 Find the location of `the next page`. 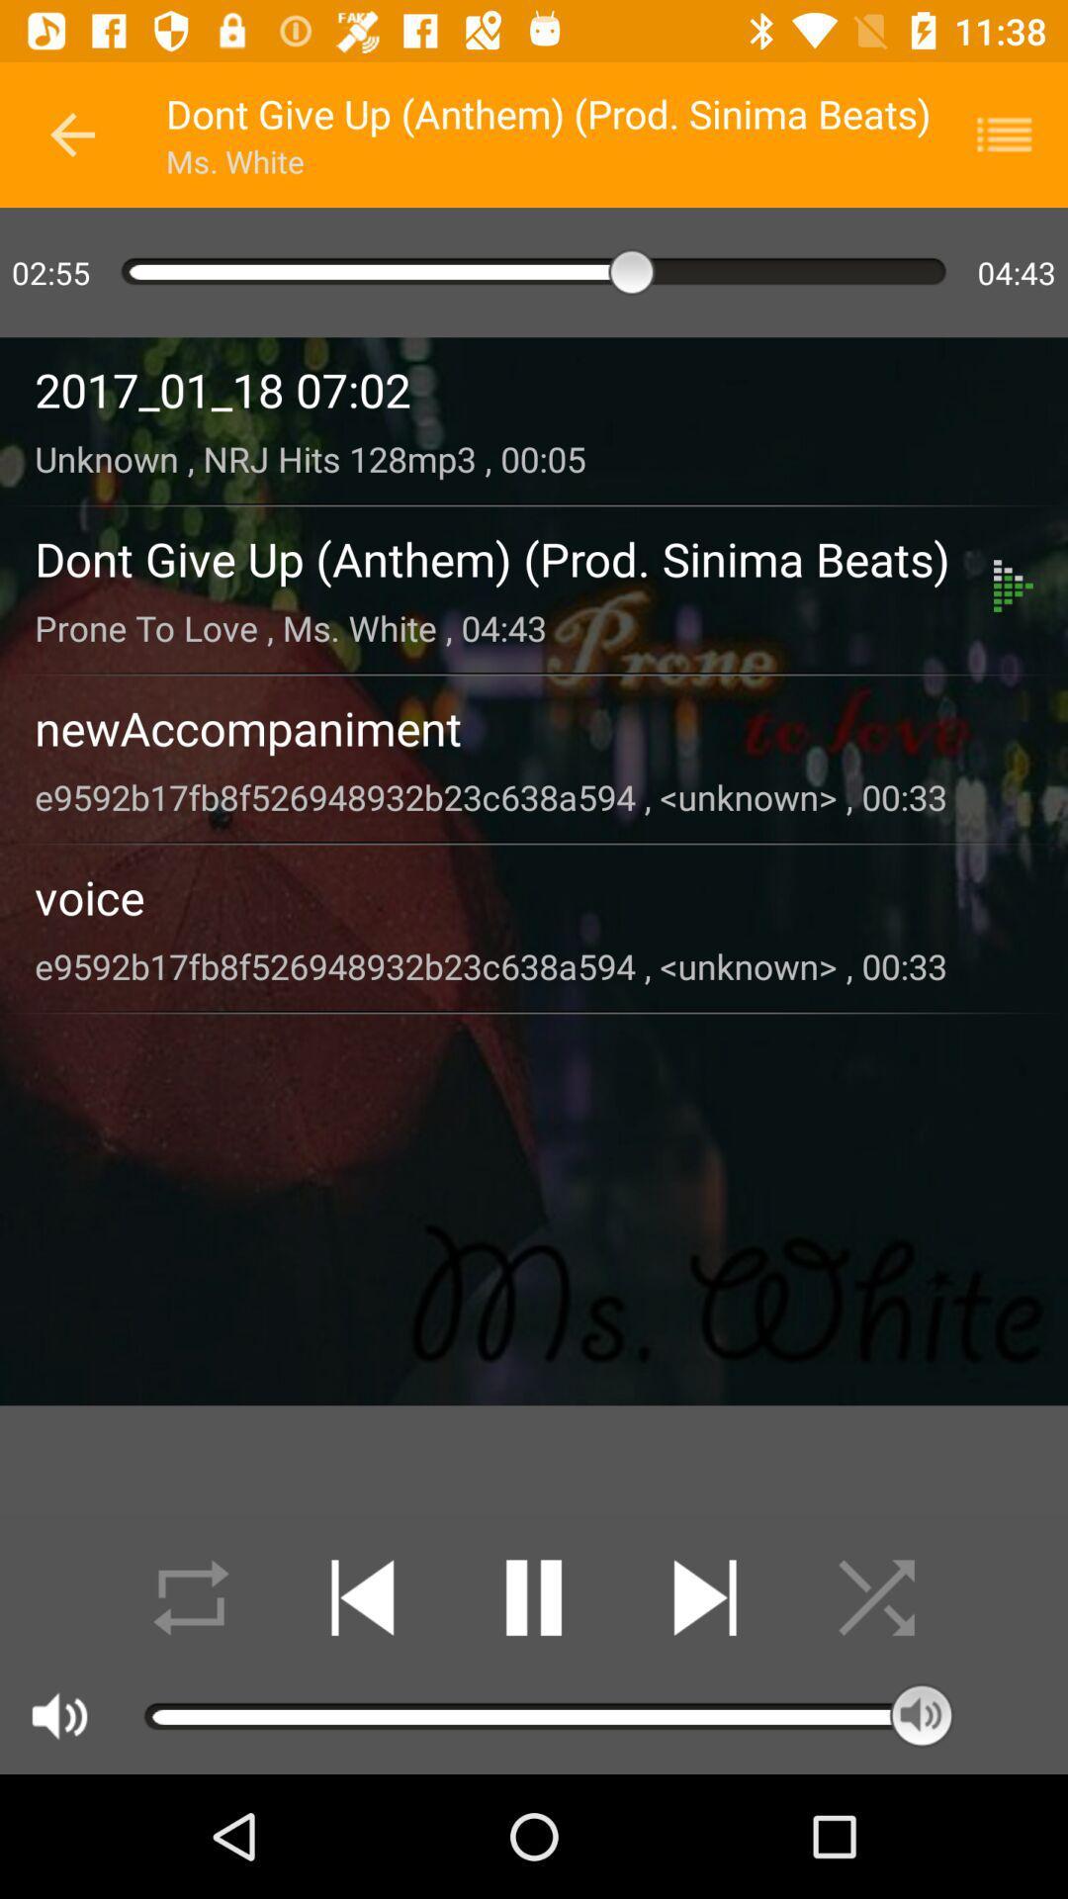

the next page is located at coordinates (704, 1597).